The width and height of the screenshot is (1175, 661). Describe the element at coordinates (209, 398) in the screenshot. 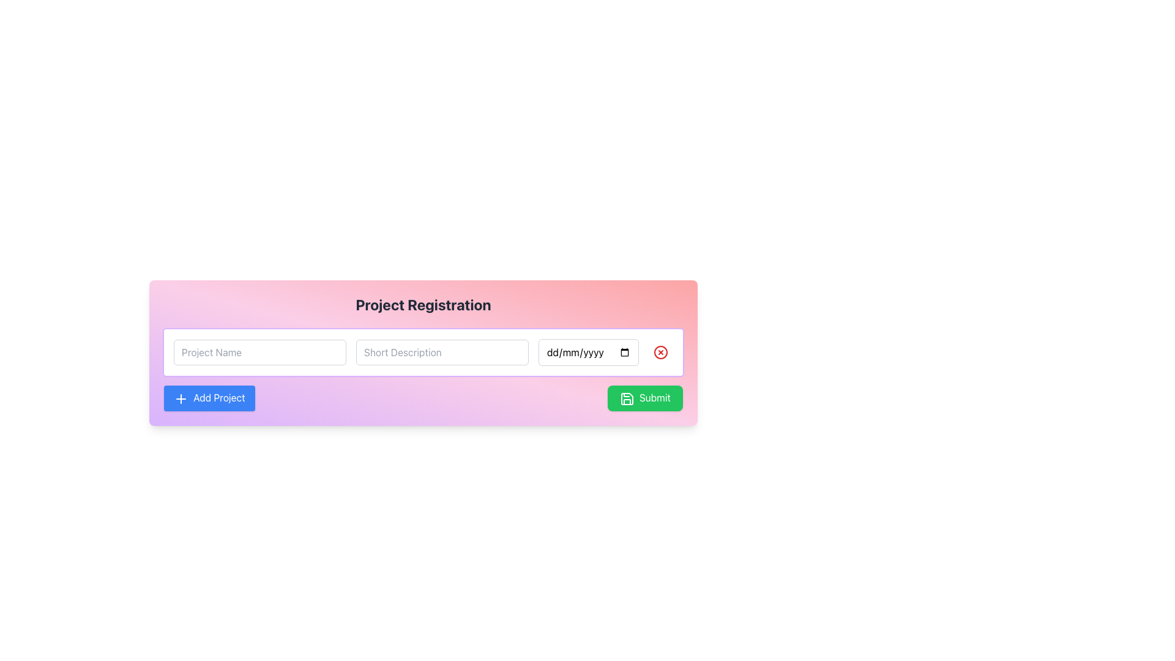

I see `the 'Add New Project' button located at the lower-left corner of the button group to initiate adding a project` at that location.